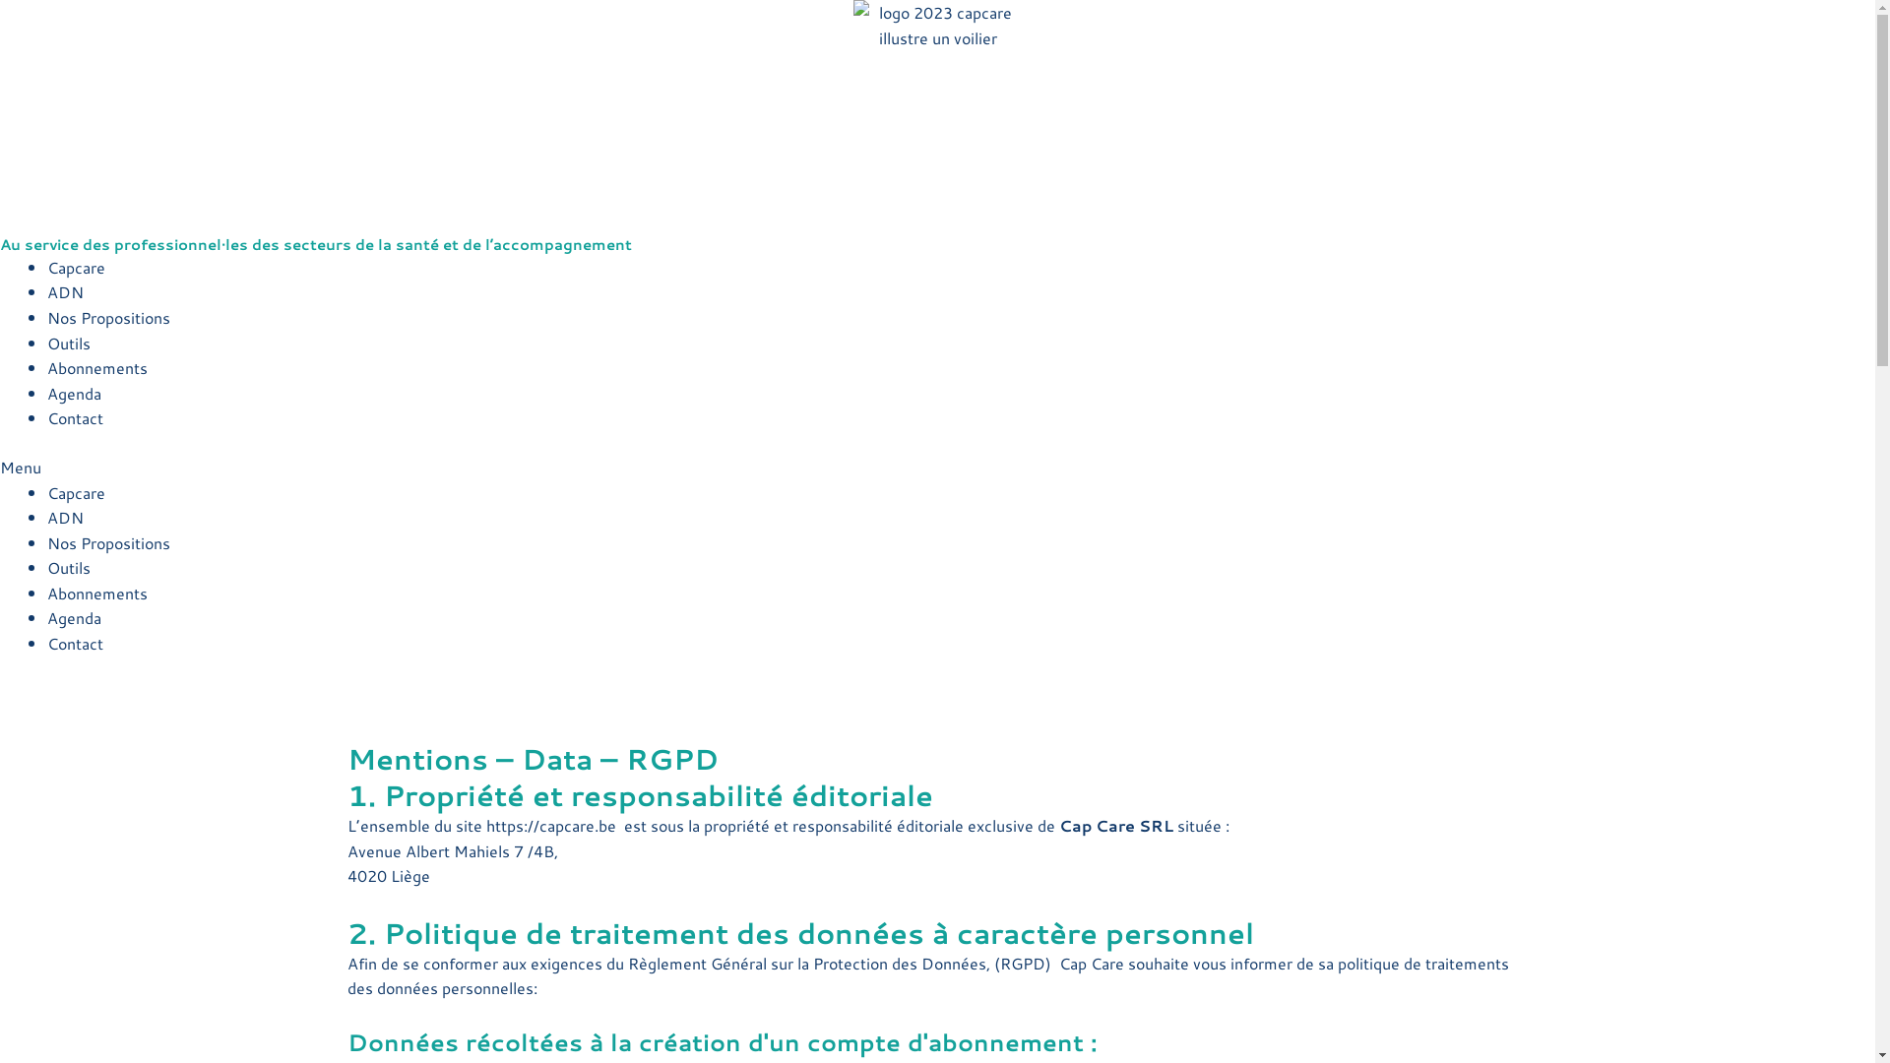 This screenshot has height=1063, width=1890. I want to click on 'Capcare', so click(76, 267).